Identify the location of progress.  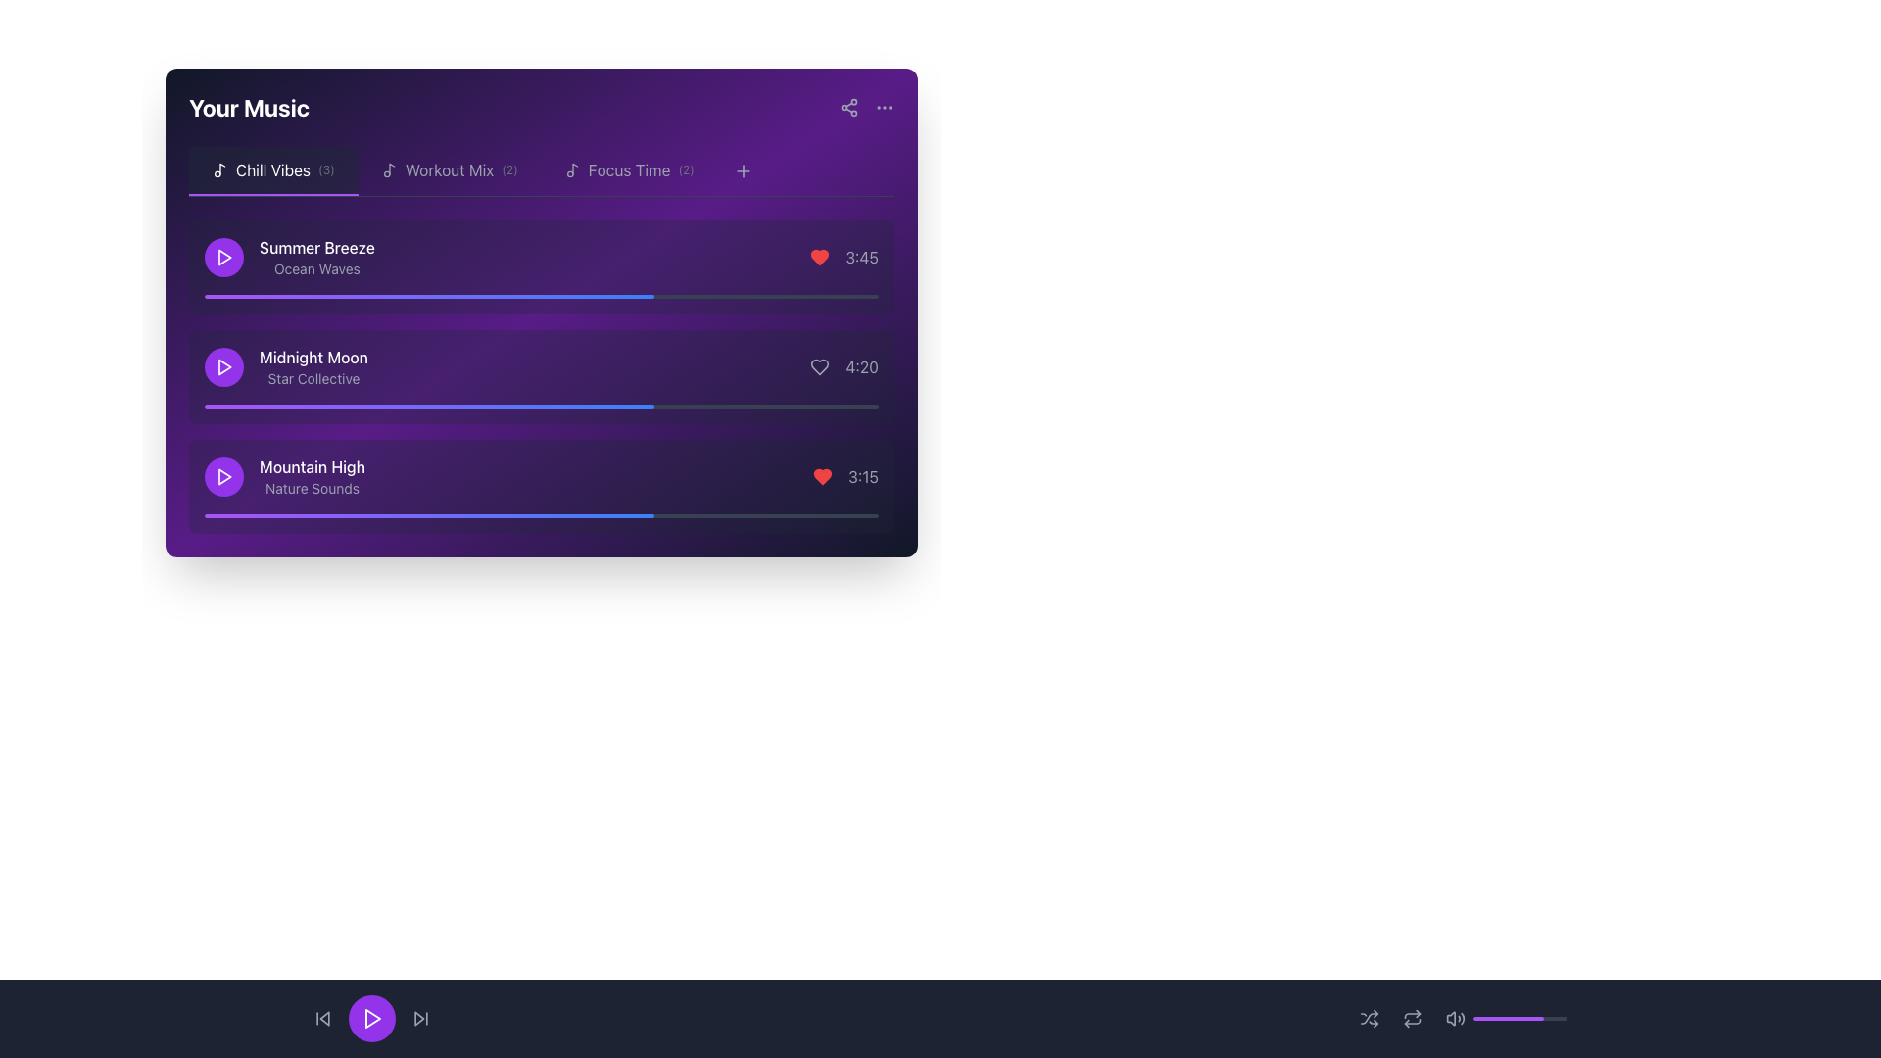
(669, 297).